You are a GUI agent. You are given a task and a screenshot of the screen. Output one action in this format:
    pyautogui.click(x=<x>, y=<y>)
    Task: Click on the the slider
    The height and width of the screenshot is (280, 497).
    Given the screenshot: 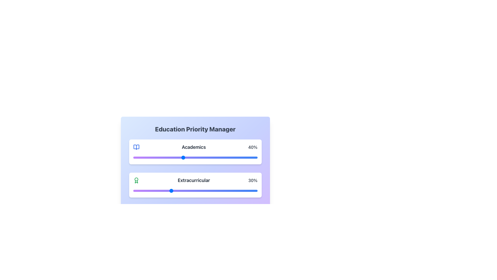 What is the action you would take?
    pyautogui.click(x=199, y=191)
    